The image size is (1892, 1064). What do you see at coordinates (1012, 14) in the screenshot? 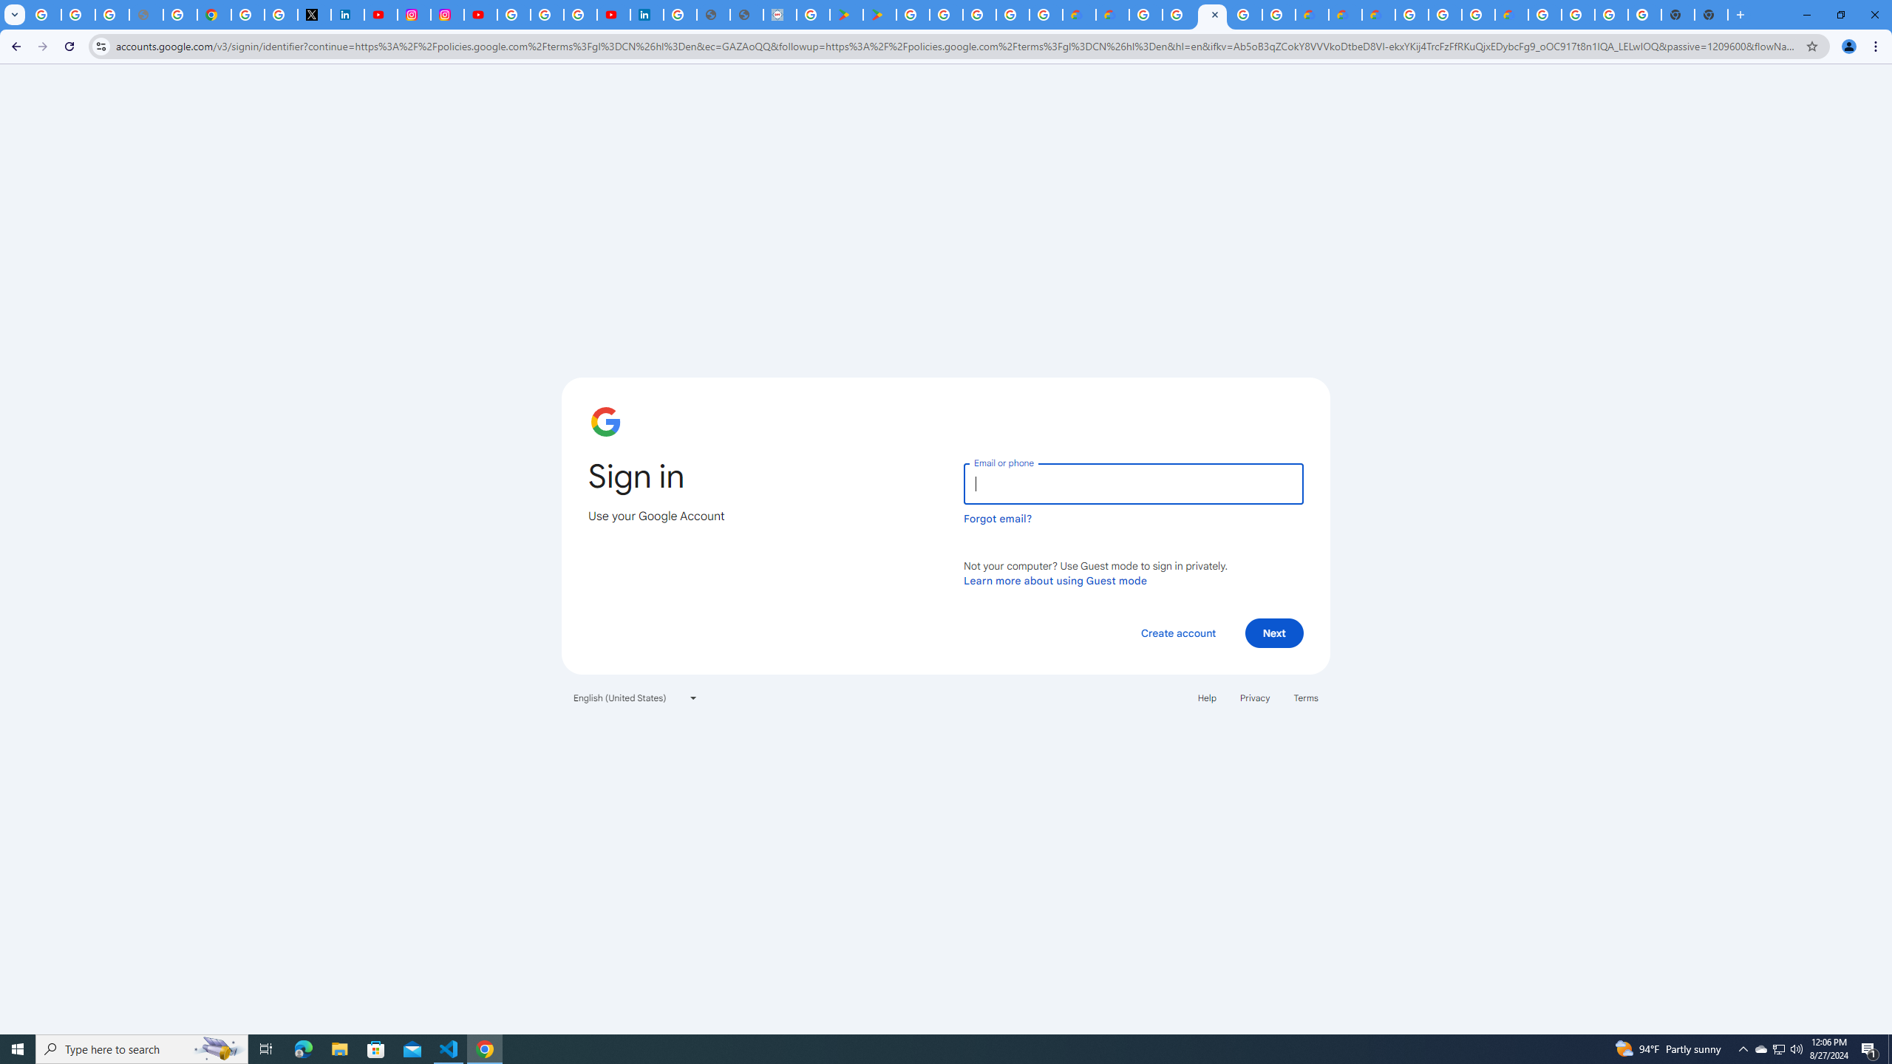
I see `'Google Workspace - Specific Terms'` at bounding box center [1012, 14].